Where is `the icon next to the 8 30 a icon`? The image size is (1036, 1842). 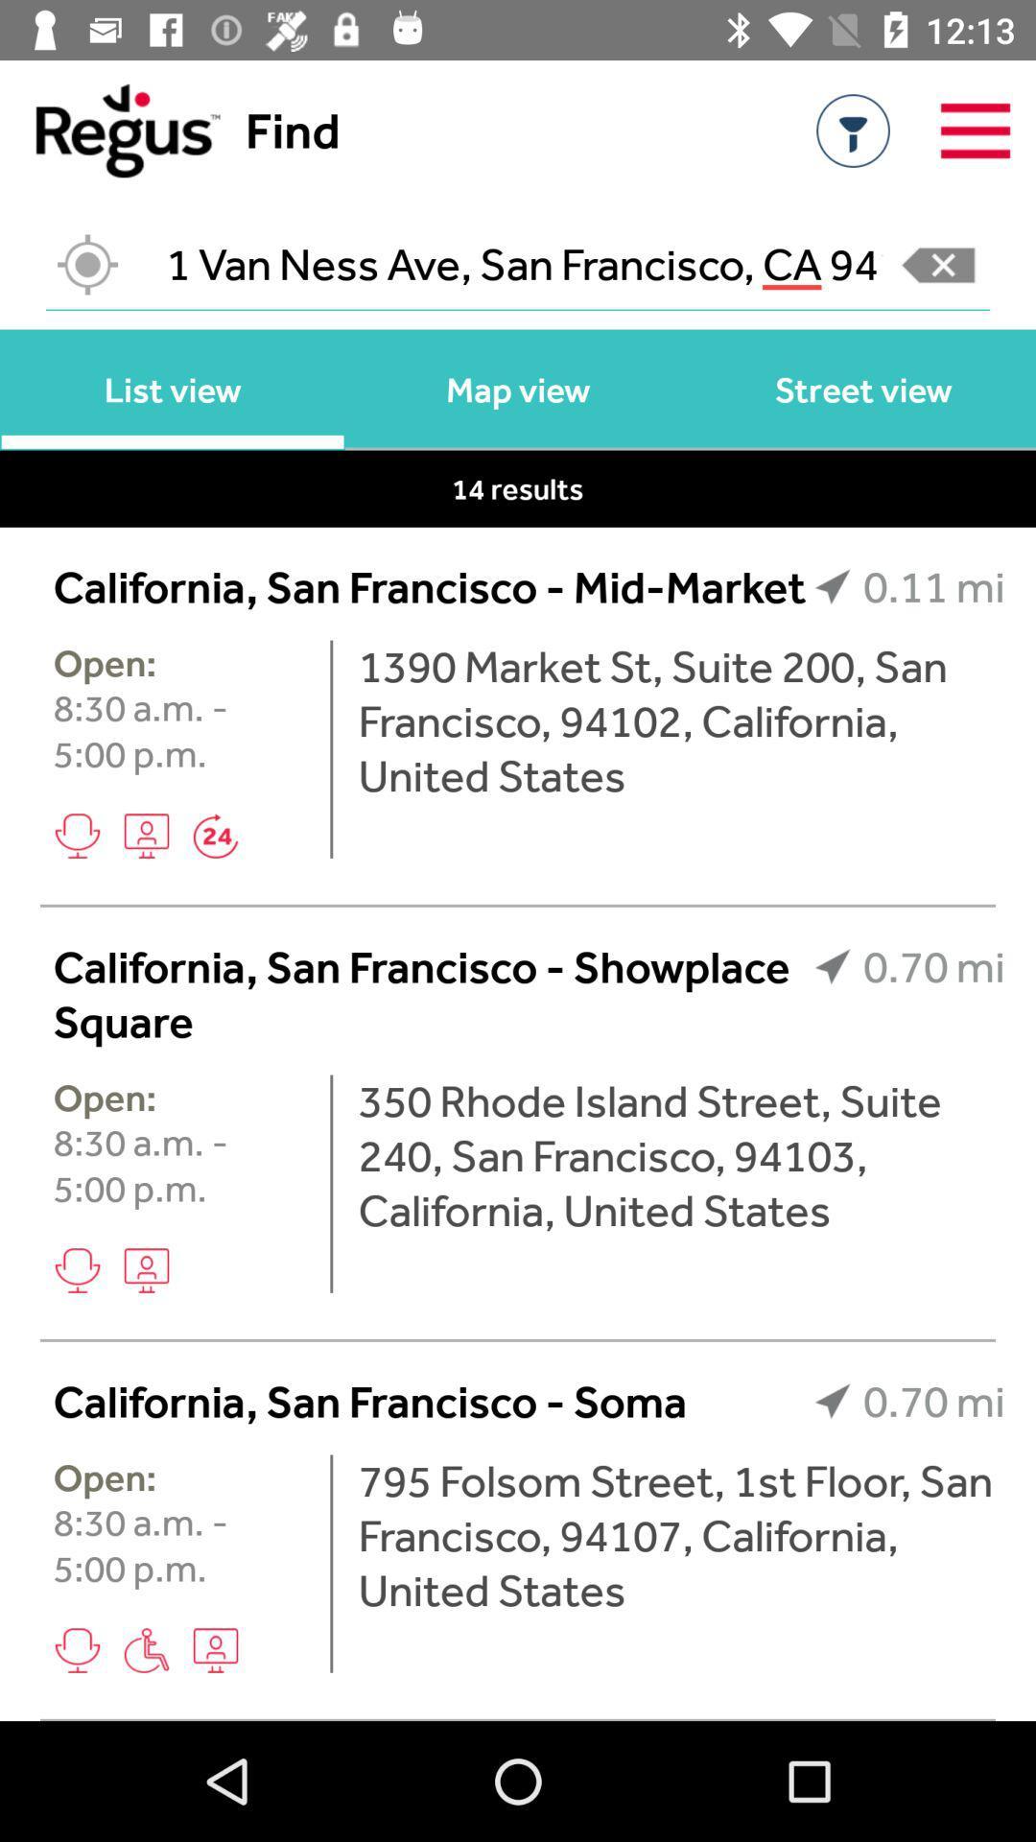
the icon next to the 8 30 a icon is located at coordinates (330, 748).